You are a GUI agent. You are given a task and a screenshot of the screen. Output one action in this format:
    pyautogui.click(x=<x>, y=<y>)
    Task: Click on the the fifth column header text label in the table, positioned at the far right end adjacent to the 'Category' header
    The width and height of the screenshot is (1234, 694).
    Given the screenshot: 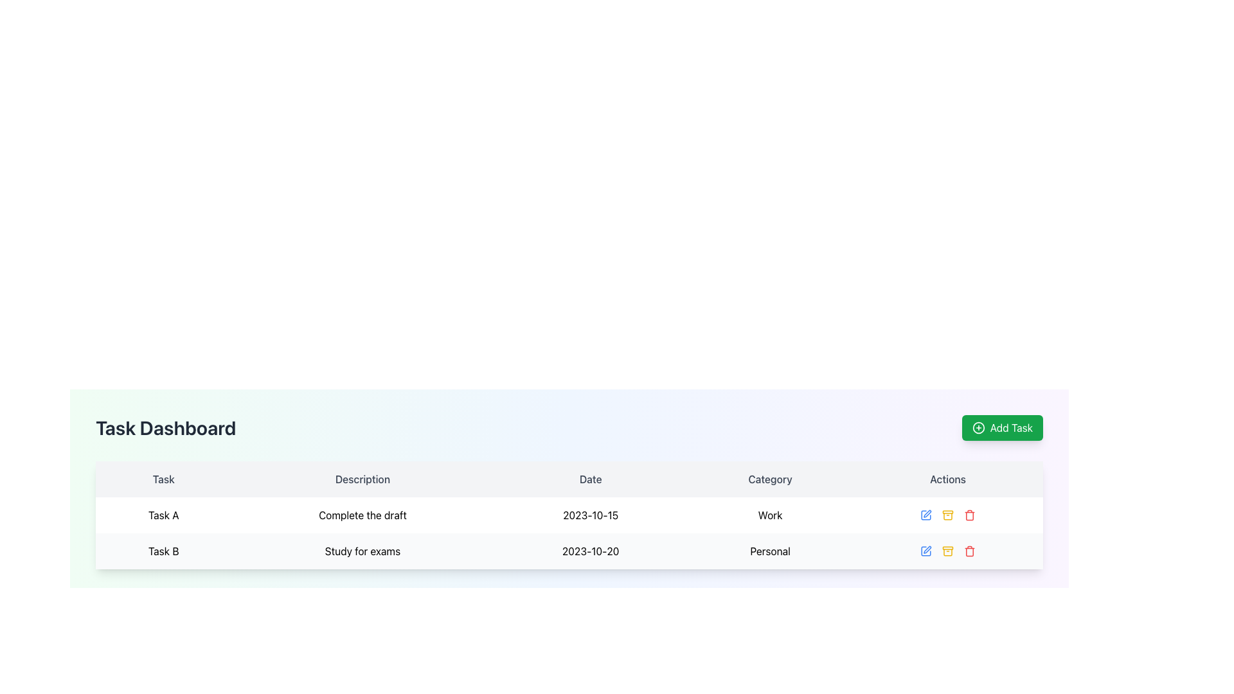 What is the action you would take?
    pyautogui.click(x=948, y=479)
    